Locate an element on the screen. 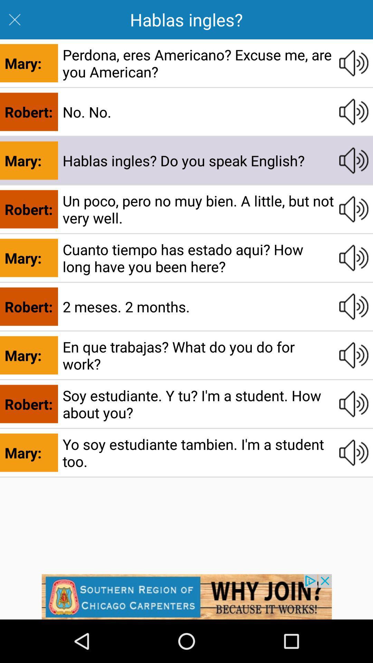 Image resolution: width=373 pixels, height=663 pixels. audio is located at coordinates (354, 112).